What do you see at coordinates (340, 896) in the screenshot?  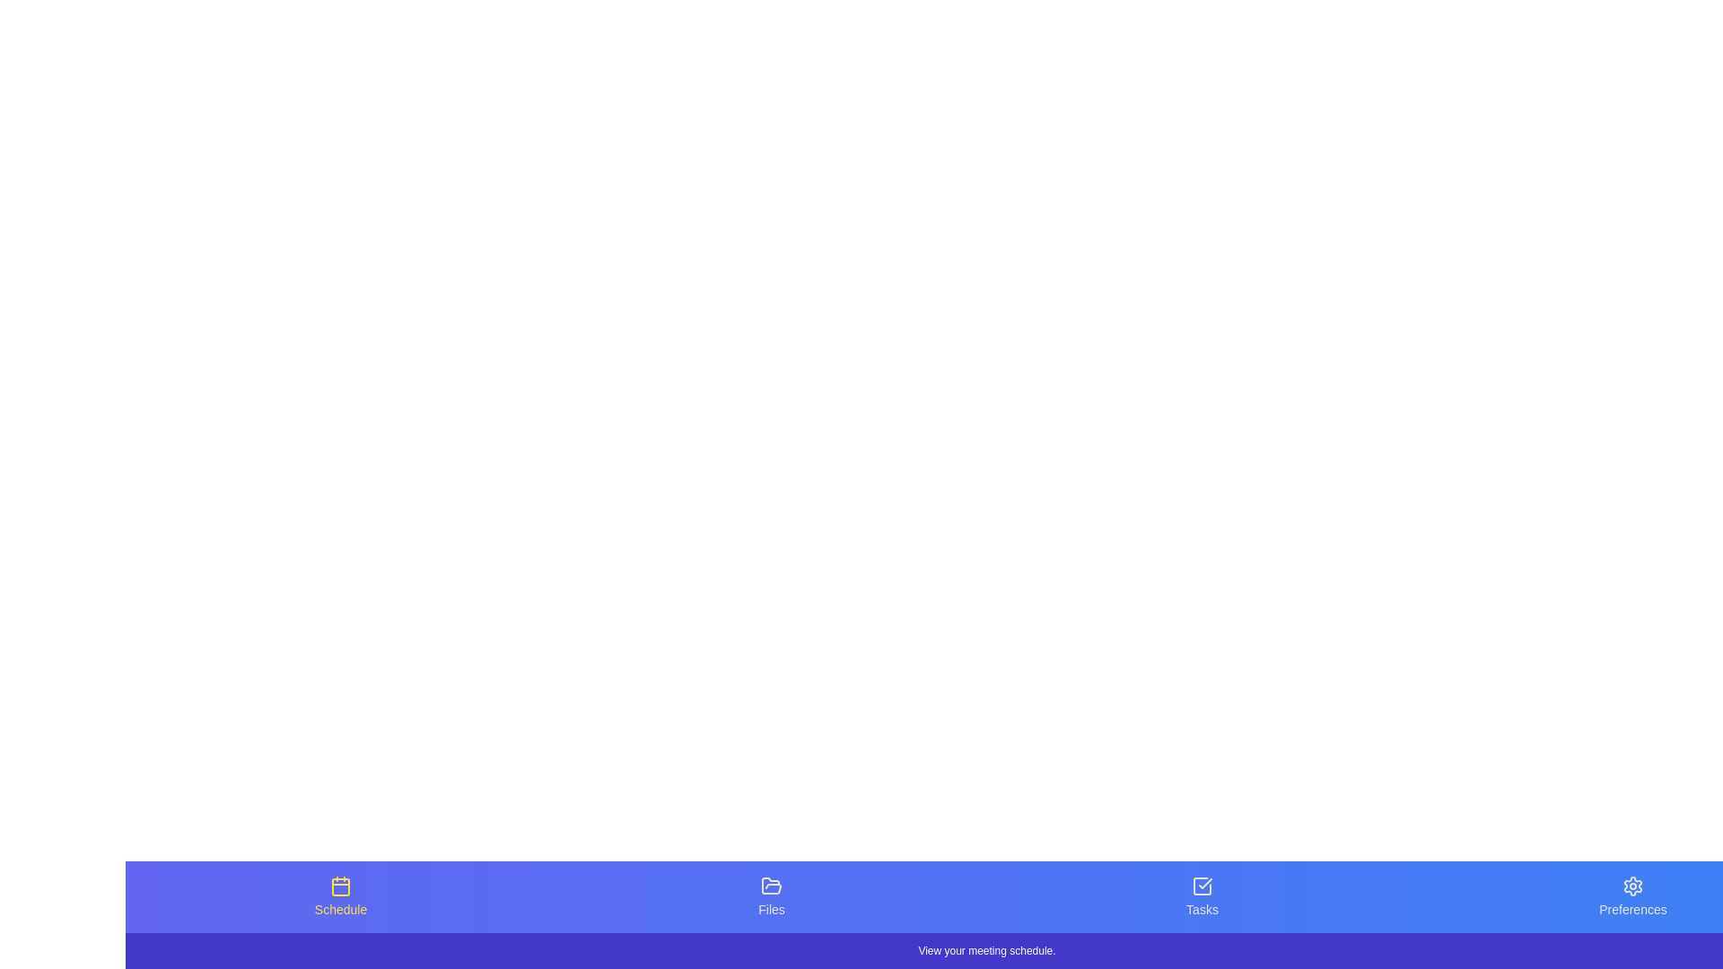 I see `the tab labeled Schedule` at bounding box center [340, 896].